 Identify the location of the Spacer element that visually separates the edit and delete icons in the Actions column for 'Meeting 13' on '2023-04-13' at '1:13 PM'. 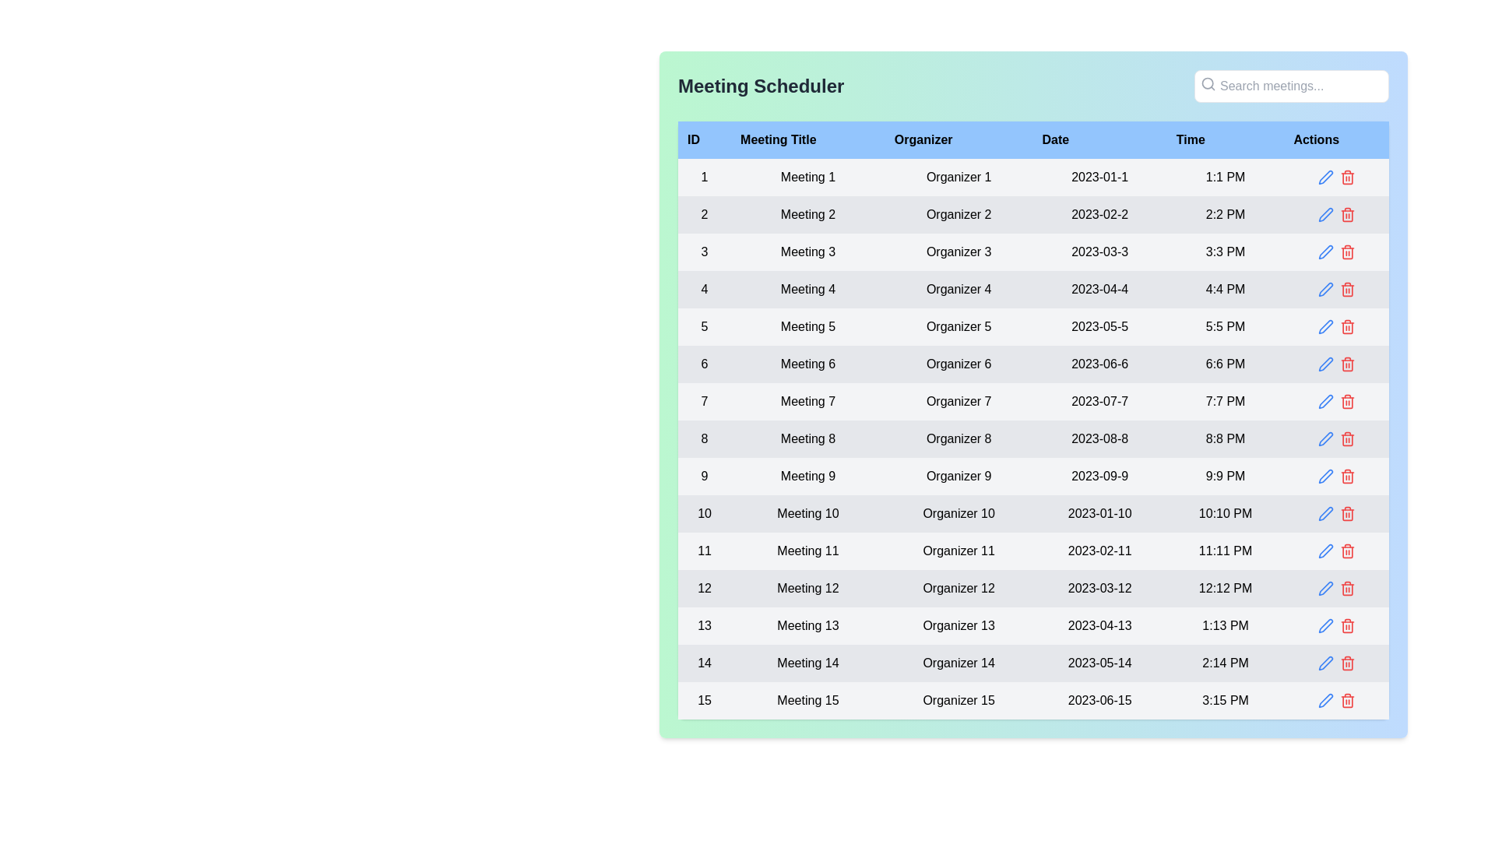
(1335, 625).